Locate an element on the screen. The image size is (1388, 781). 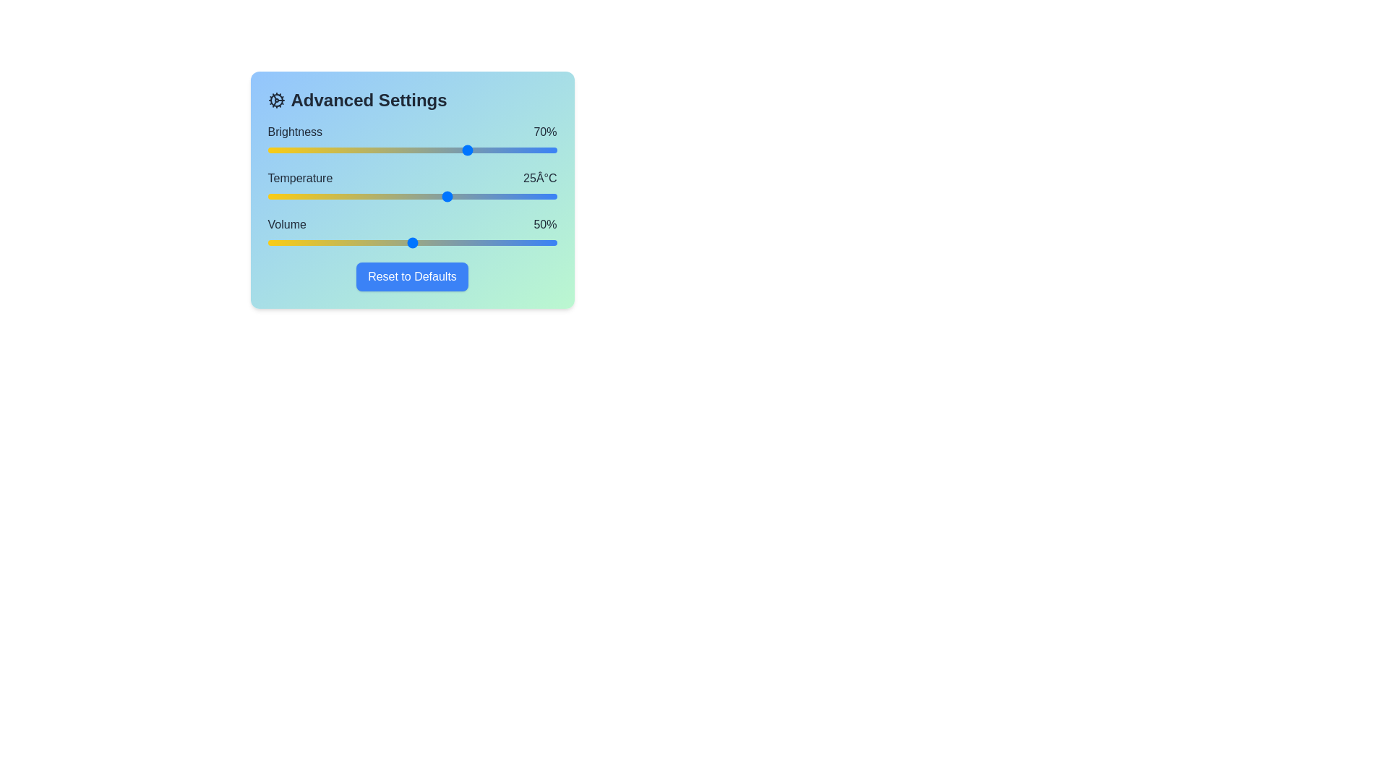
the temperature slider to set the temperature to 26 degrees Celsius is located at coordinates (455, 197).